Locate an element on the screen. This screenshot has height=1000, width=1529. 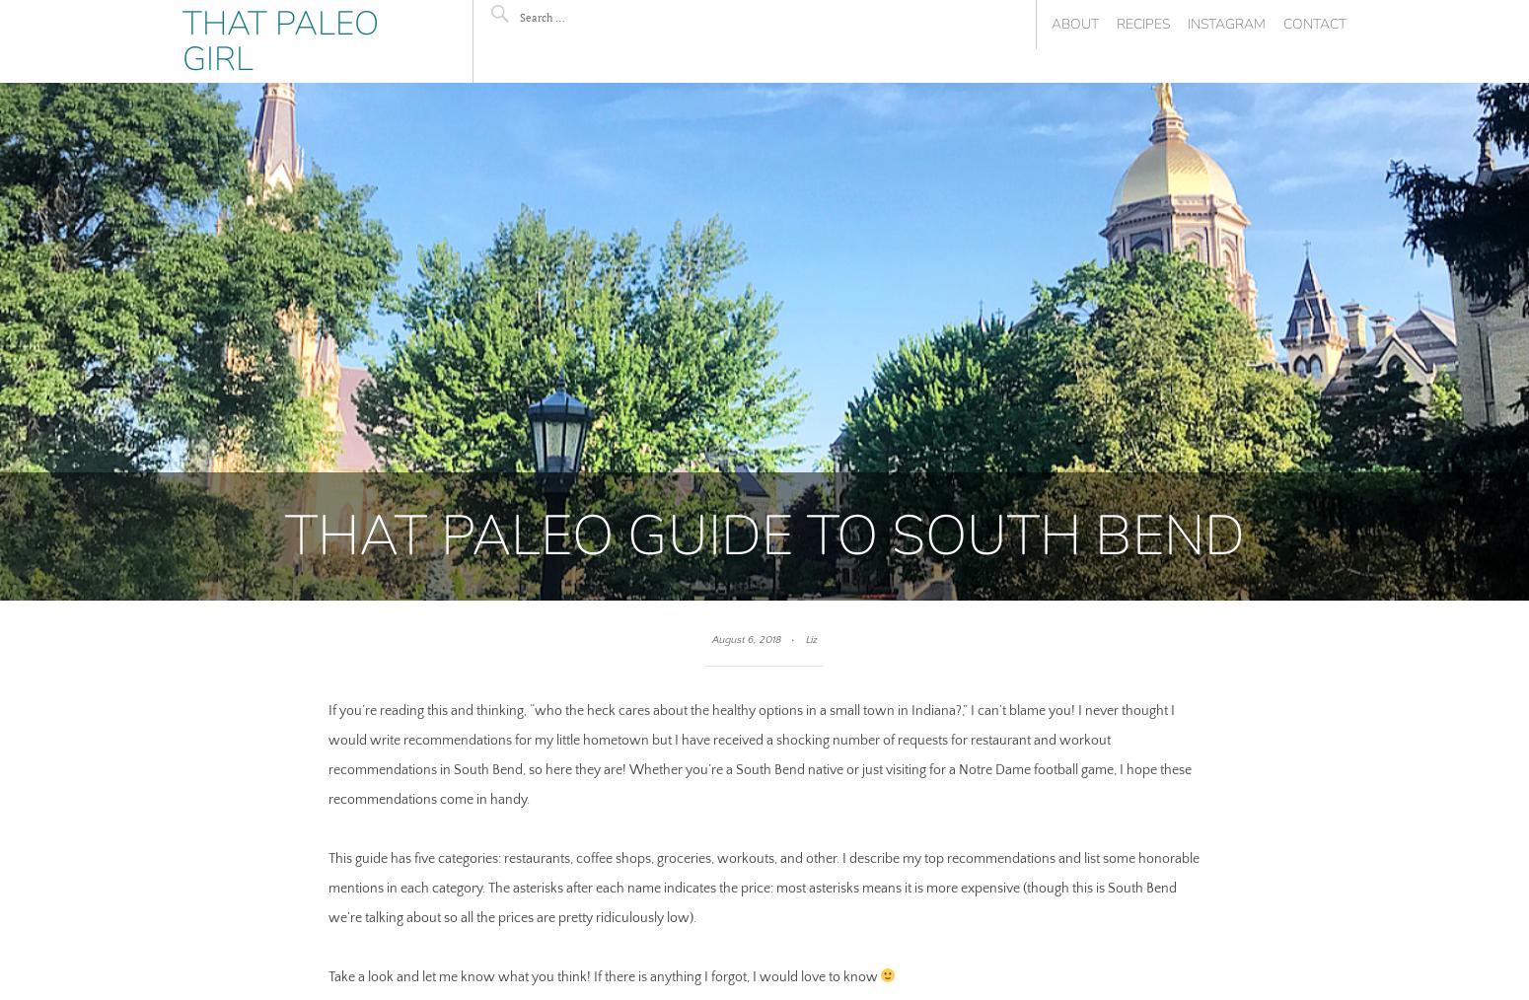
'That Paleo Girl' is located at coordinates (182, 39).